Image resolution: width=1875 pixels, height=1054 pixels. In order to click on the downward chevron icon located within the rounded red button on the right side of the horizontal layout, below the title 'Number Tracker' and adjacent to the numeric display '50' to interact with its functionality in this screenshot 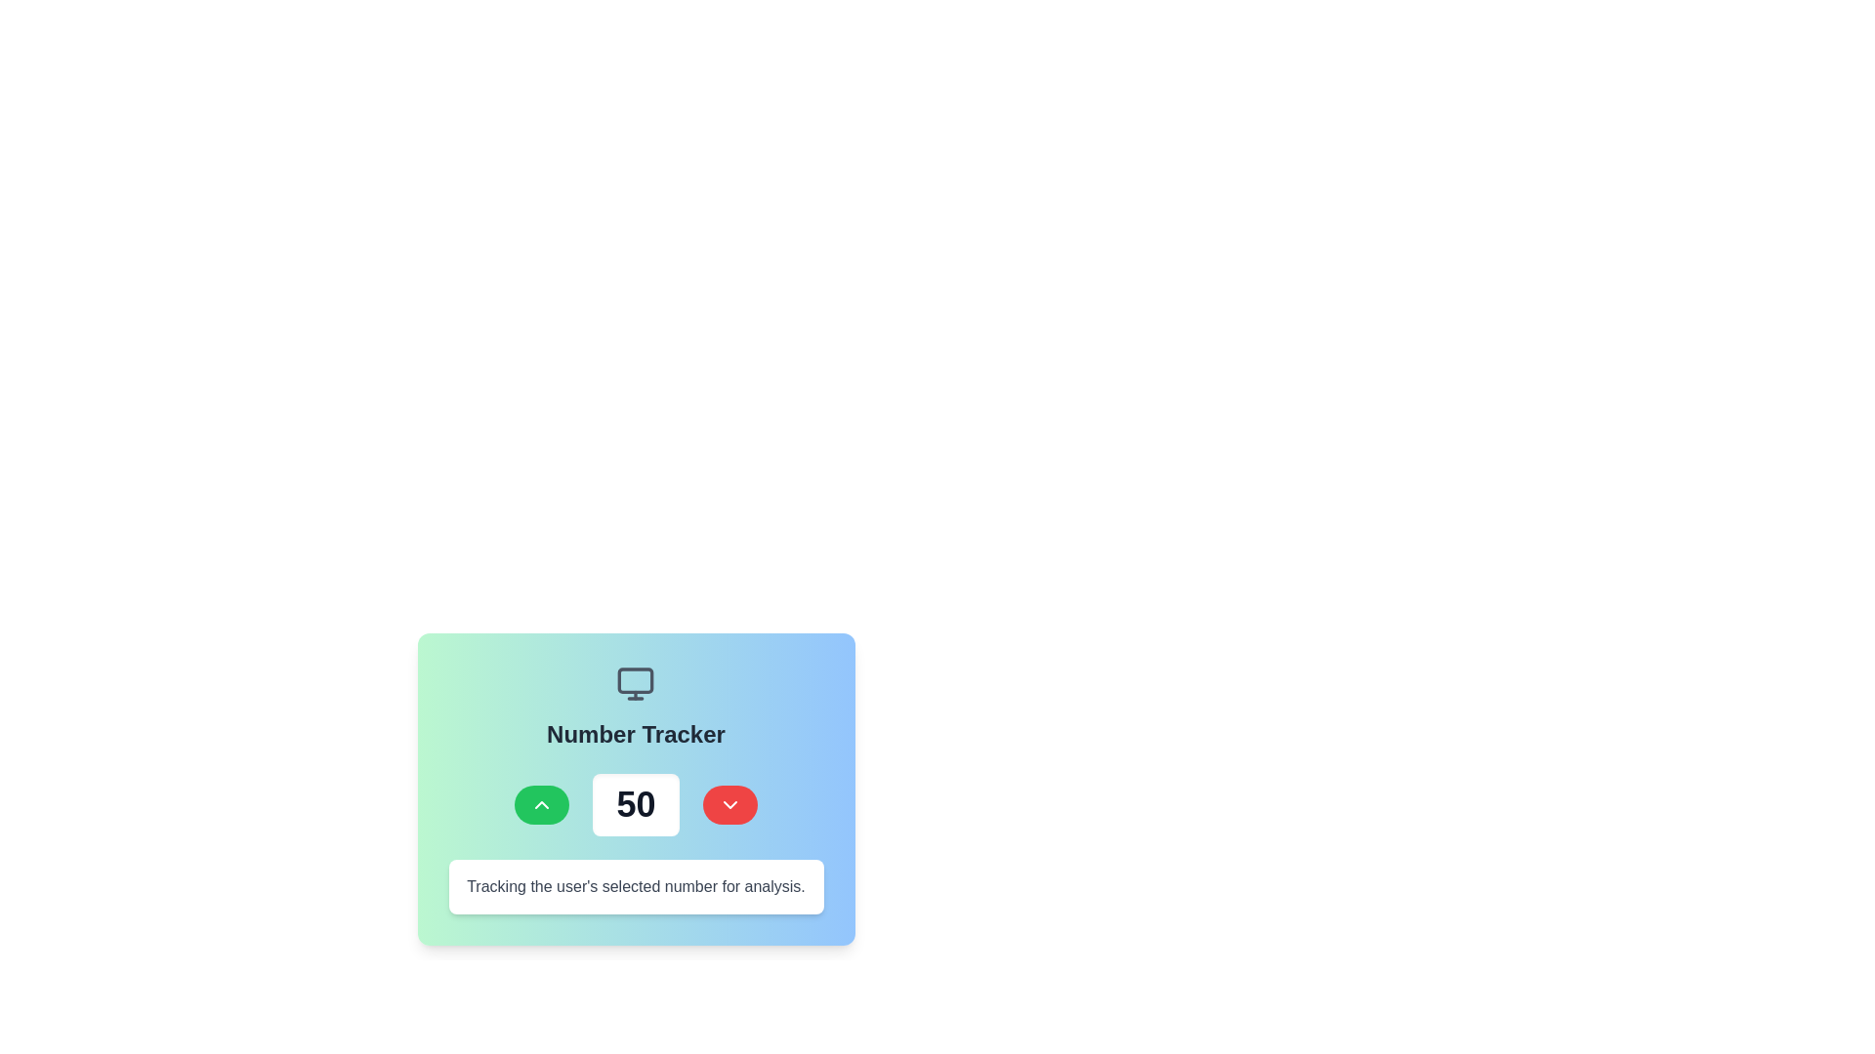, I will do `click(729, 805)`.